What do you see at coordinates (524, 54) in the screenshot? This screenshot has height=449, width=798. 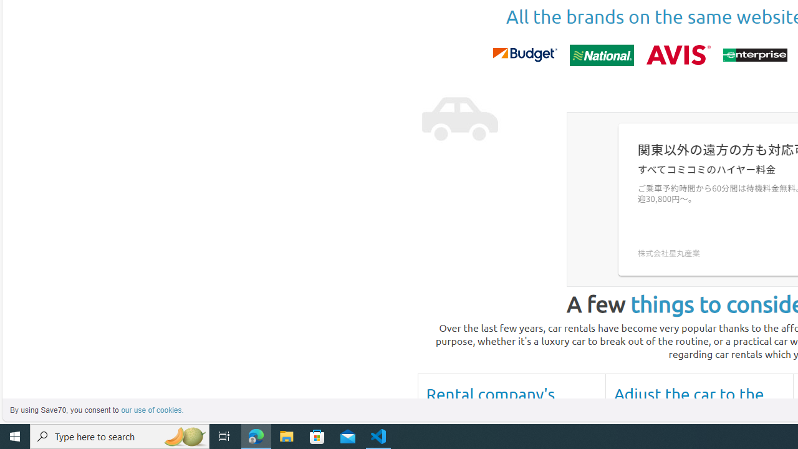 I see `'Budget'` at bounding box center [524, 54].